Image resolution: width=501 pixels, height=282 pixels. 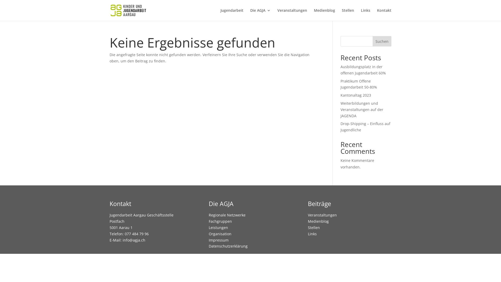 What do you see at coordinates (292, 14) in the screenshot?
I see `'Veranstaltungen'` at bounding box center [292, 14].